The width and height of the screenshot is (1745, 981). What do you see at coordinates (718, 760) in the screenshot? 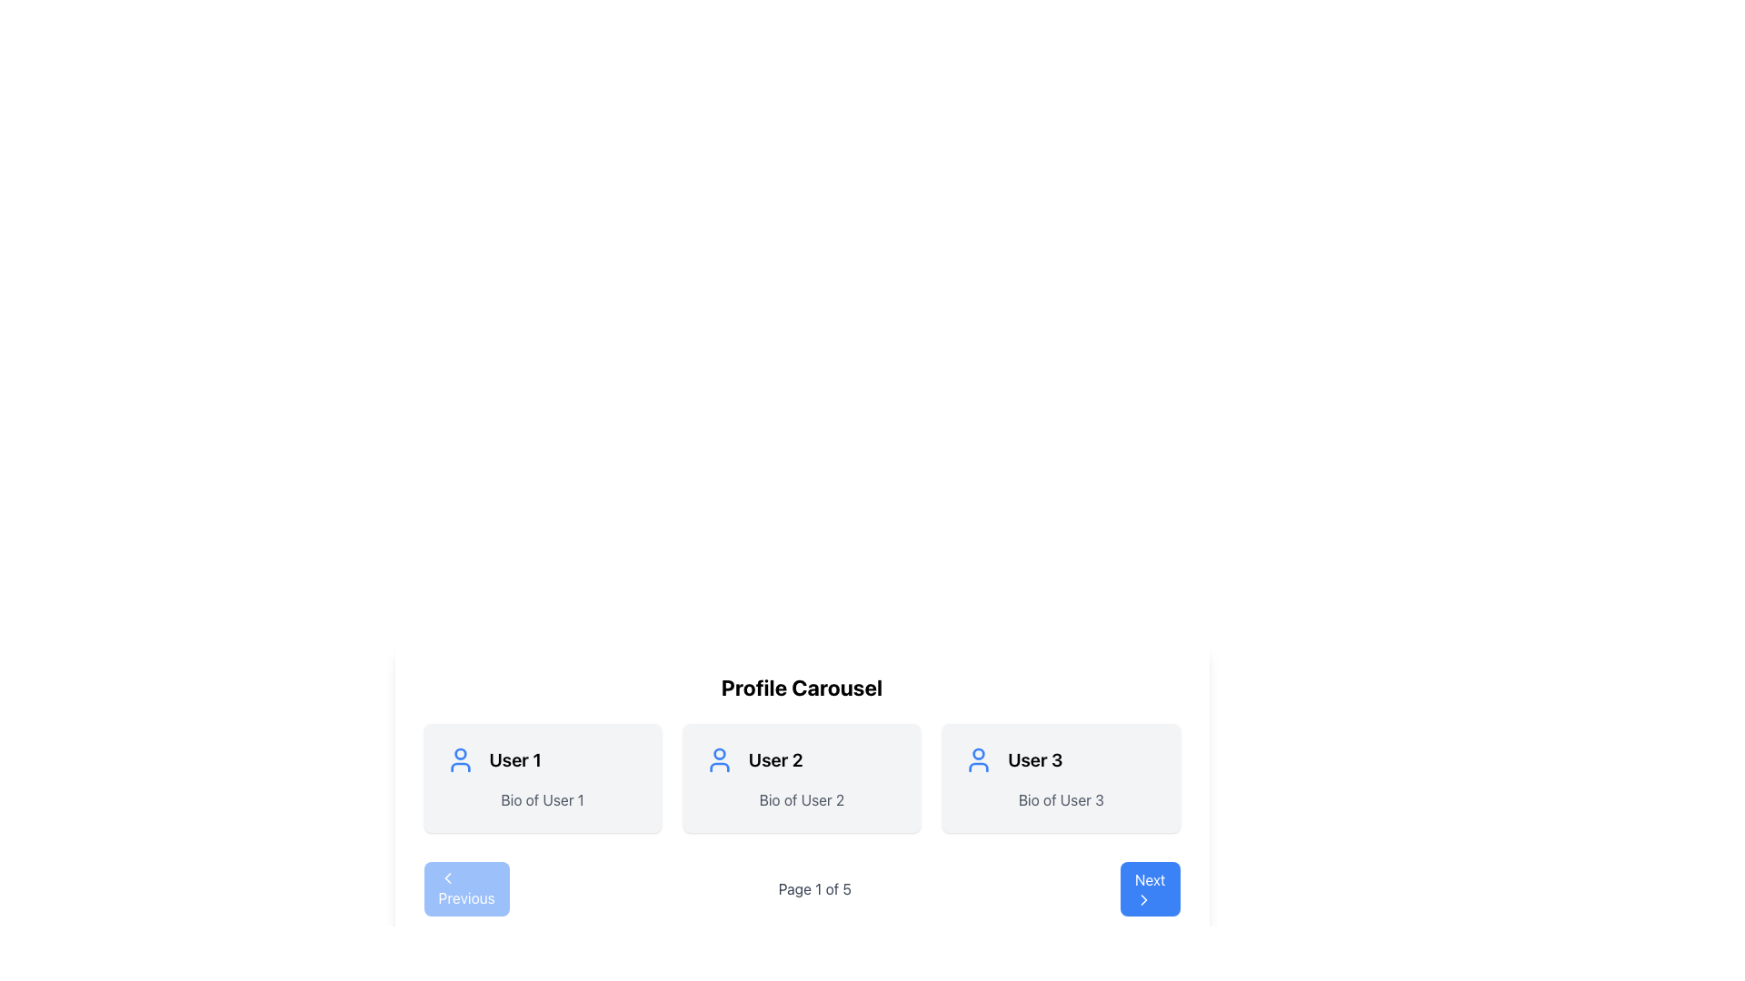
I see `the user profile icon for 'User 2' located in the second profile card of a carousel` at bounding box center [718, 760].